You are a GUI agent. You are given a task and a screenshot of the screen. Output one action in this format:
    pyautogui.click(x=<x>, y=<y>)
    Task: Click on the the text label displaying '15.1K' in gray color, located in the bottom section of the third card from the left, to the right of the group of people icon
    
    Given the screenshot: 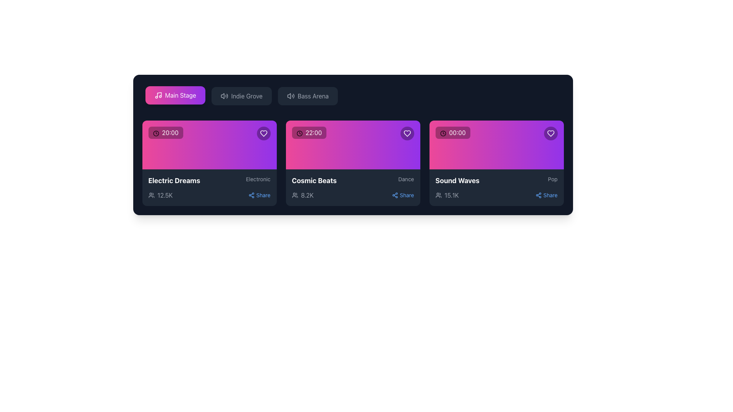 What is the action you would take?
    pyautogui.click(x=452, y=195)
    